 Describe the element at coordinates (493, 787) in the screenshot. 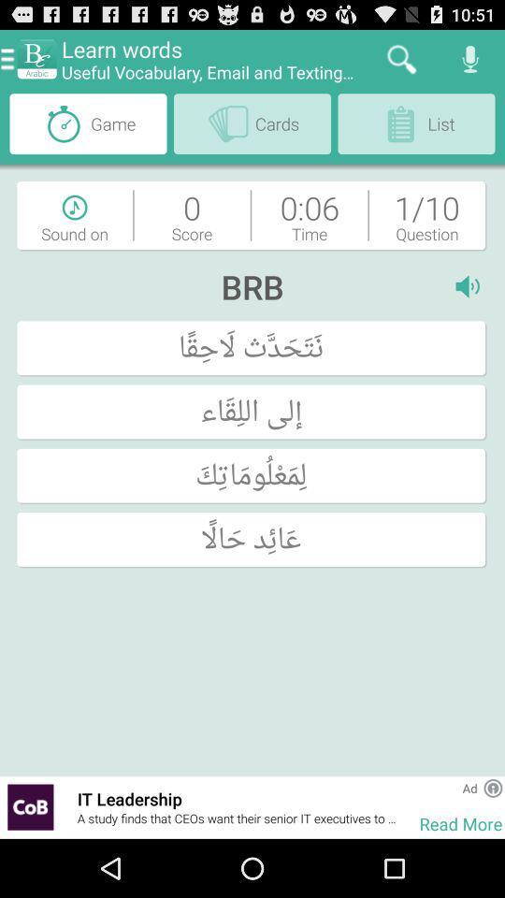

I see `info about advertisement` at that location.